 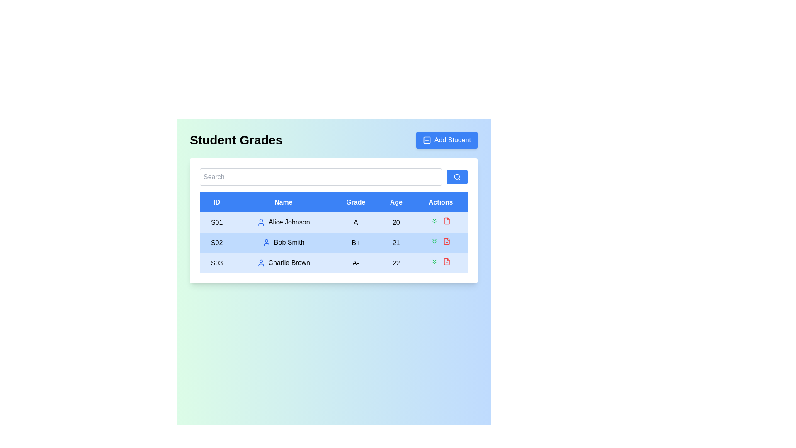 I want to click on the red document icon with a minus symbol in the Actions column of the second row, so click(x=447, y=241).